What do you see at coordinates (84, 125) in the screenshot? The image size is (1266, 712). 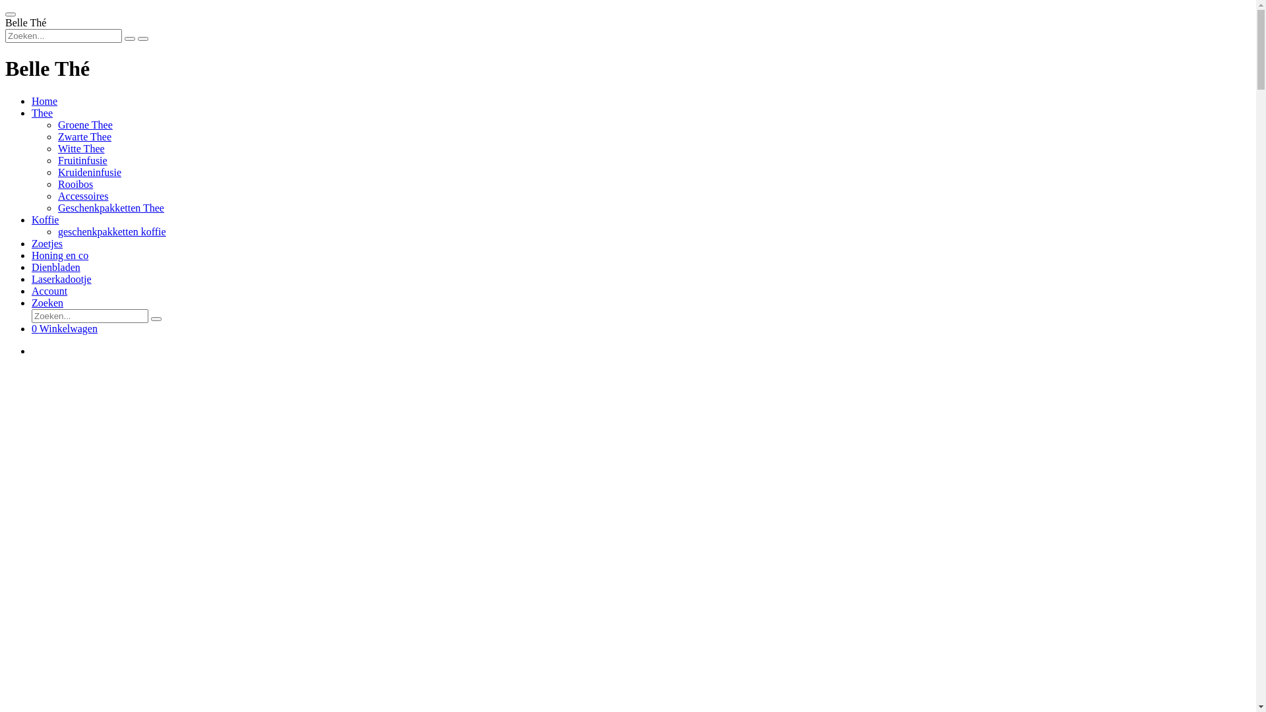 I see `'Groene Thee'` at bounding box center [84, 125].